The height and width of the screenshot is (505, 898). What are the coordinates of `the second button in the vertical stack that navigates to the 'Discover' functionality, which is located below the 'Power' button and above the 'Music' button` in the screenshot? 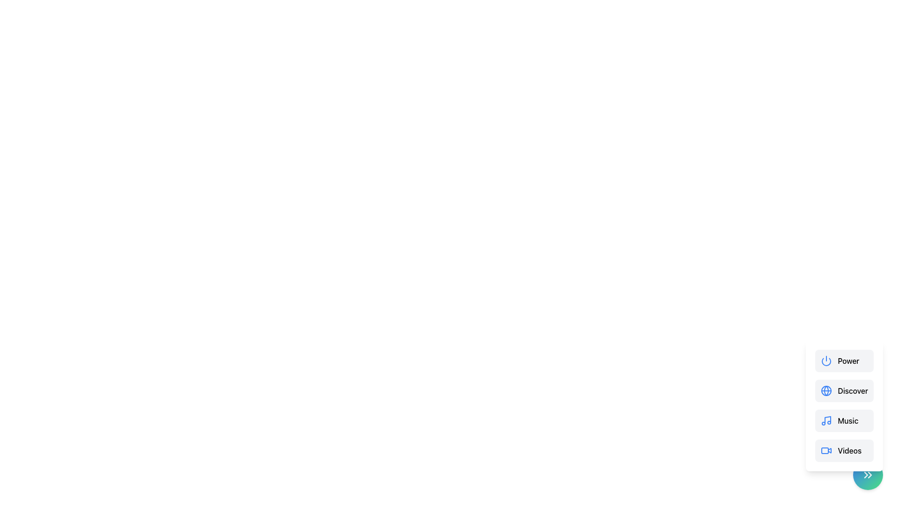 It's located at (844, 405).